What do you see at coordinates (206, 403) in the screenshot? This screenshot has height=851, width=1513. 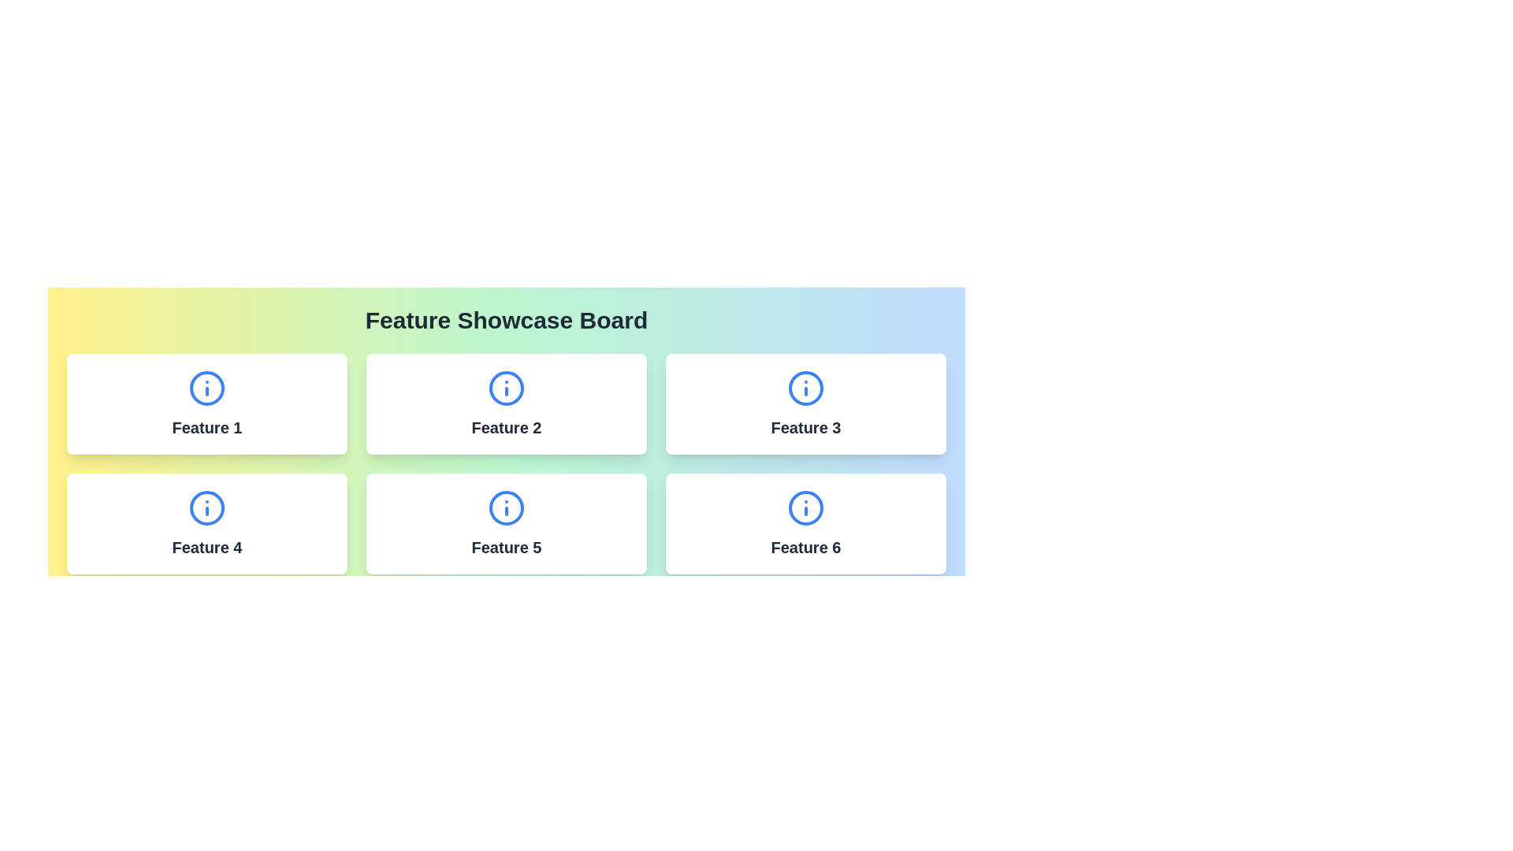 I see `the informational card about 'Feature 1' located in the top-left corner of the grid layout to read the displayed text` at bounding box center [206, 403].